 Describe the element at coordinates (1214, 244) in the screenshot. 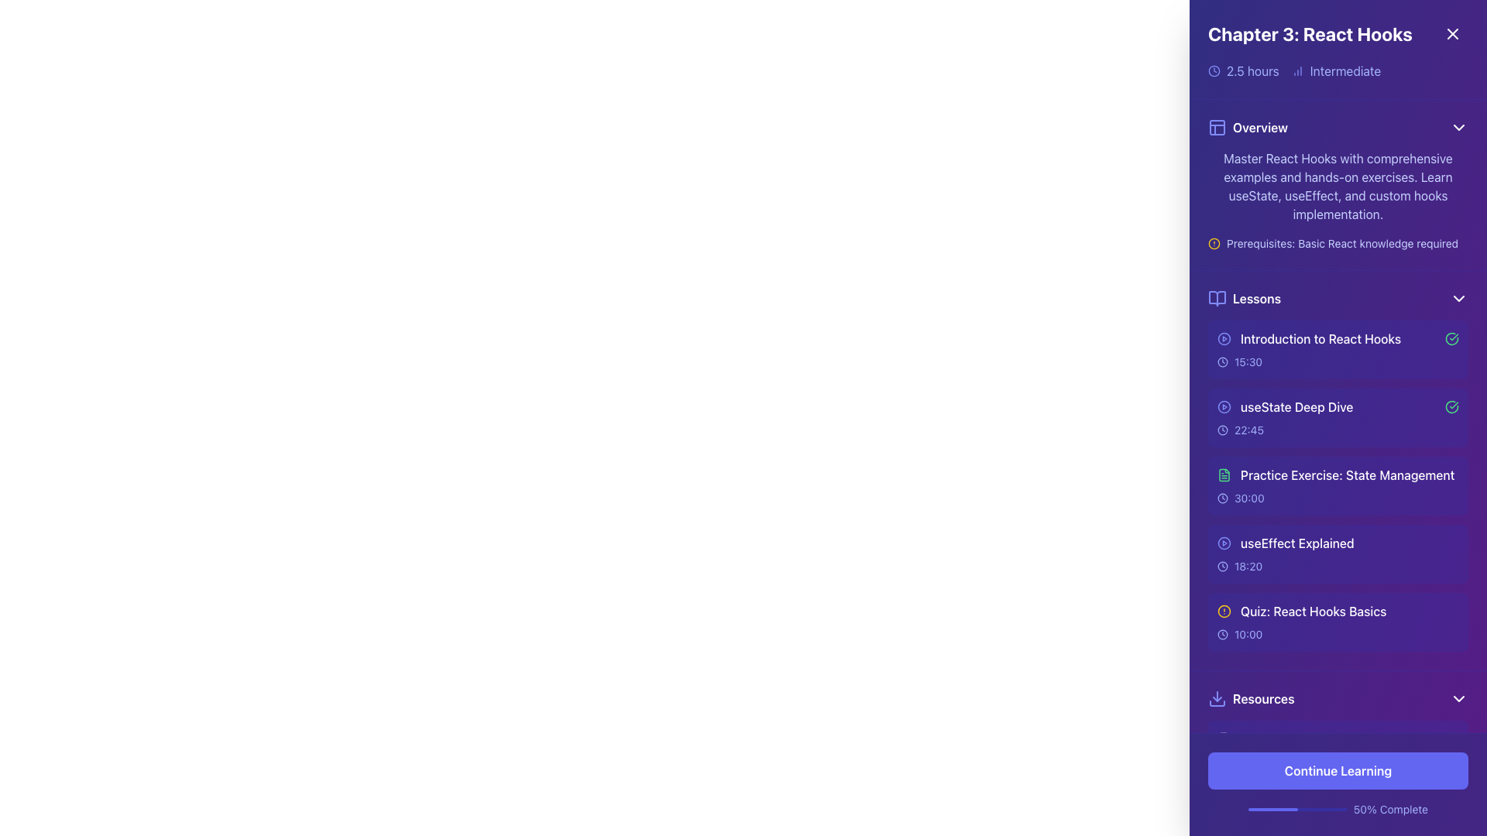

I see `the alert icon located at the top of the Overview section next to the text 'Prerequisites: Basic React knowledge required'` at that location.